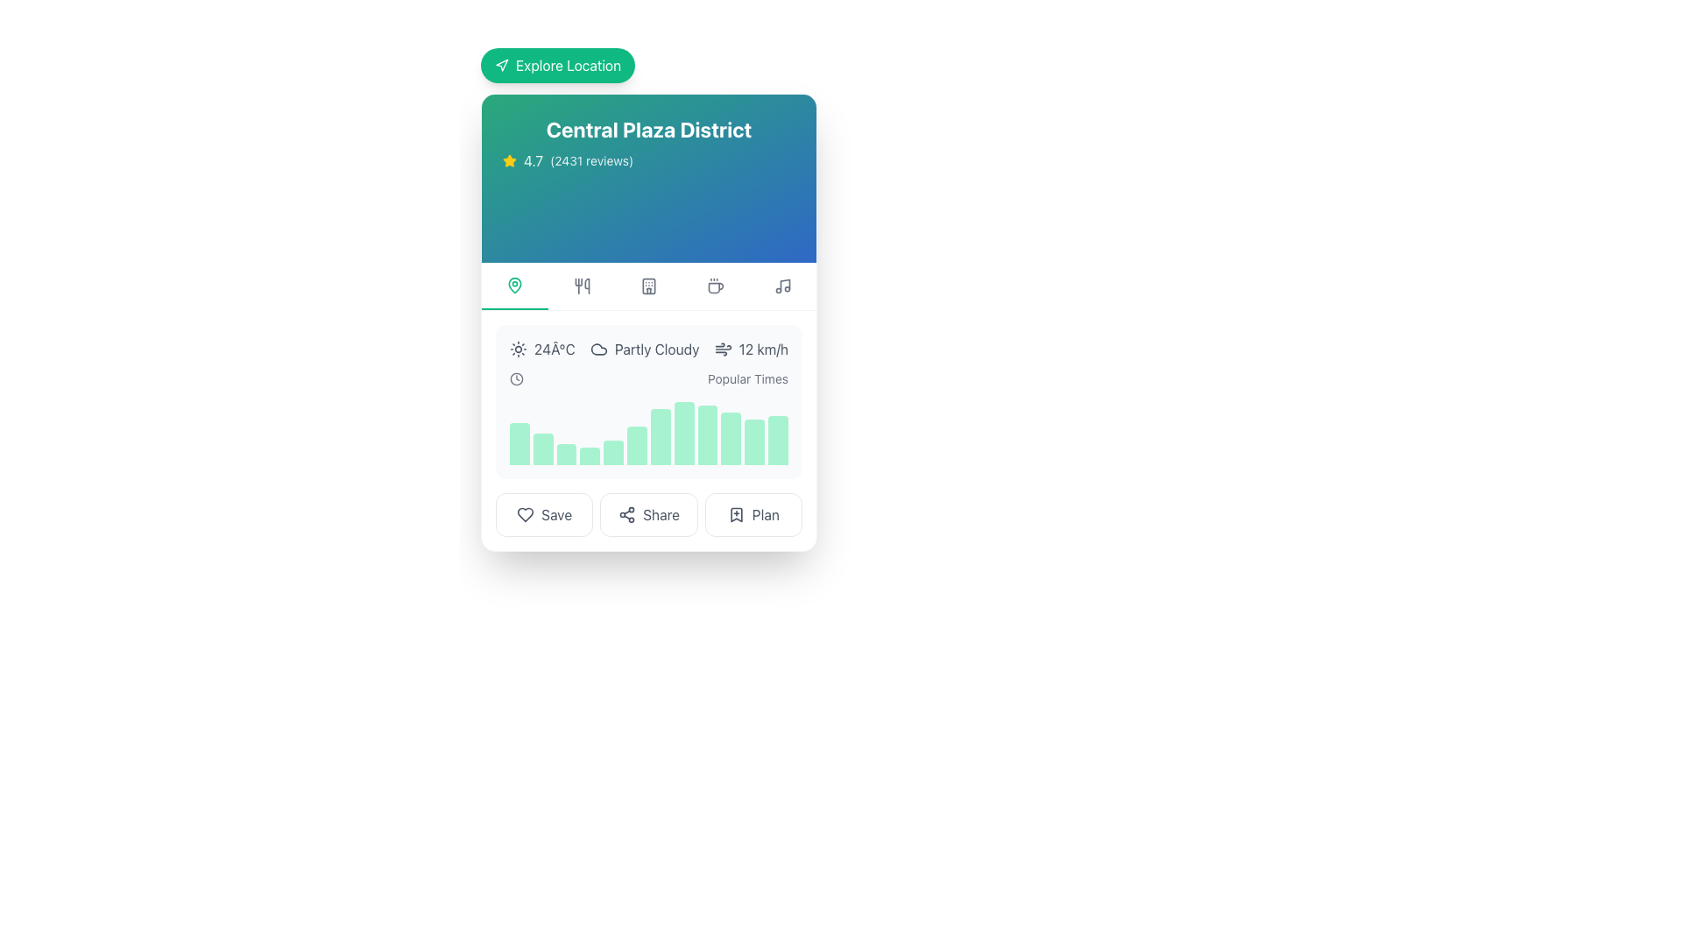  What do you see at coordinates (508, 160) in the screenshot?
I see `the star icon representing the rating for 'Central Plaza District', which is located to the left of the text '4.7 (2431 reviews)' in the upper section of the card` at bounding box center [508, 160].